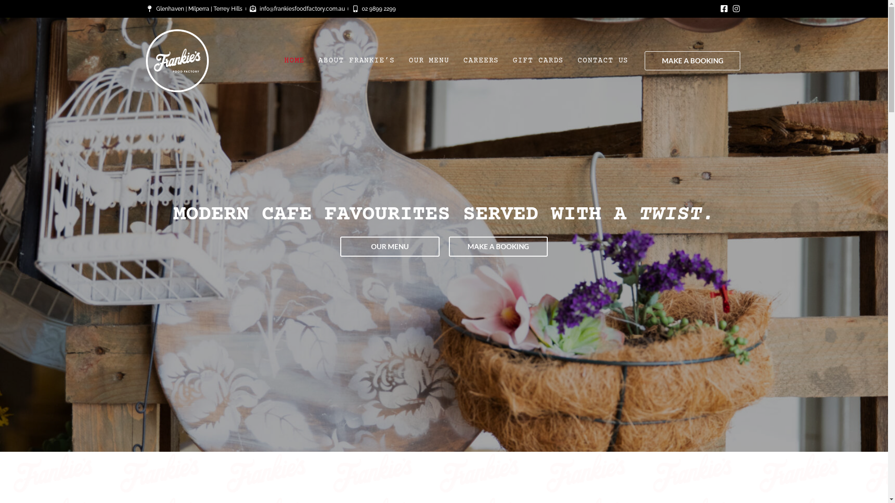 The width and height of the screenshot is (895, 503). Describe the element at coordinates (373, 9) in the screenshot. I see `'02 9899 2299'` at that location.